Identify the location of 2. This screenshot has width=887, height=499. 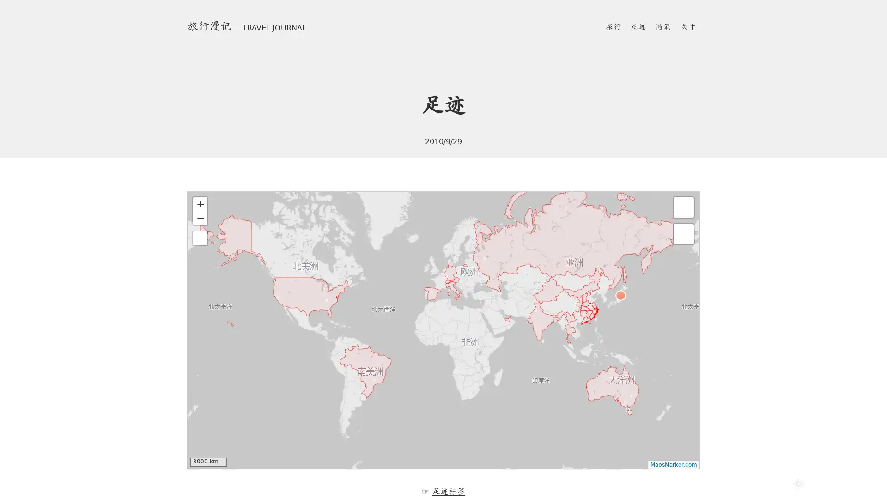
(506, 316).